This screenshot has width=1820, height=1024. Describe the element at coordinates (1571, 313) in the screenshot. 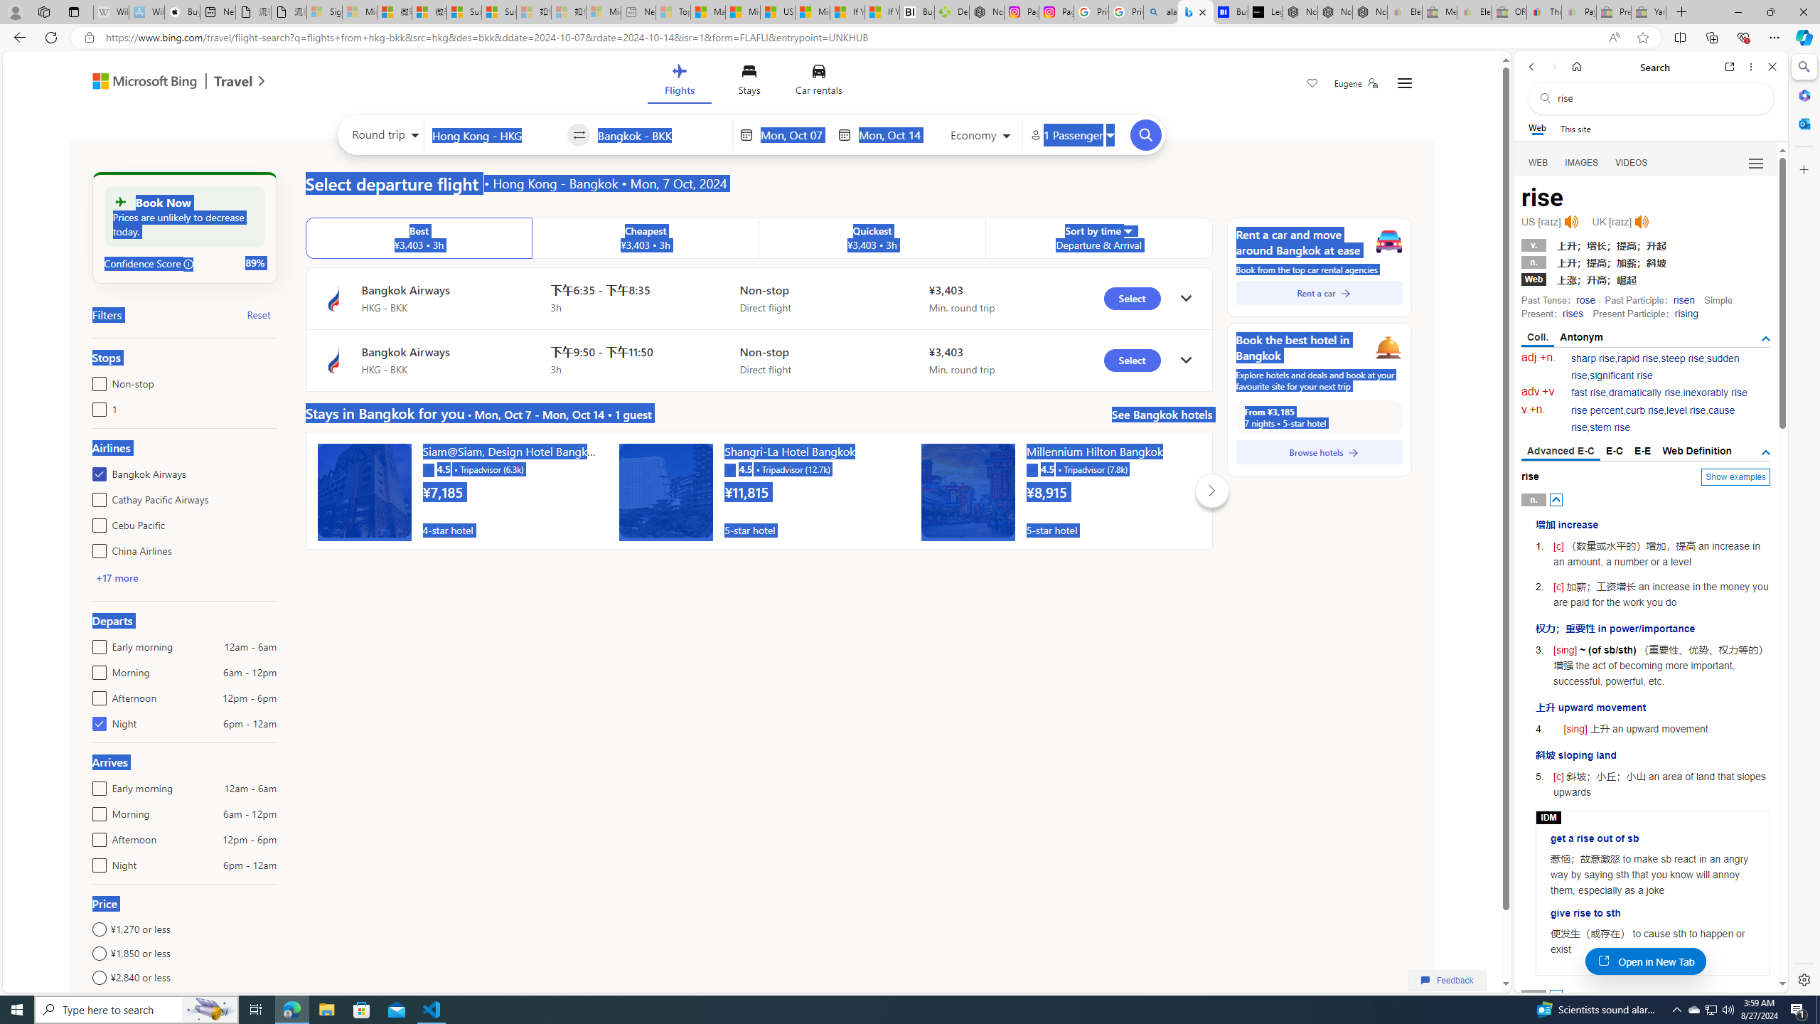

I see `'rises'` at that location.